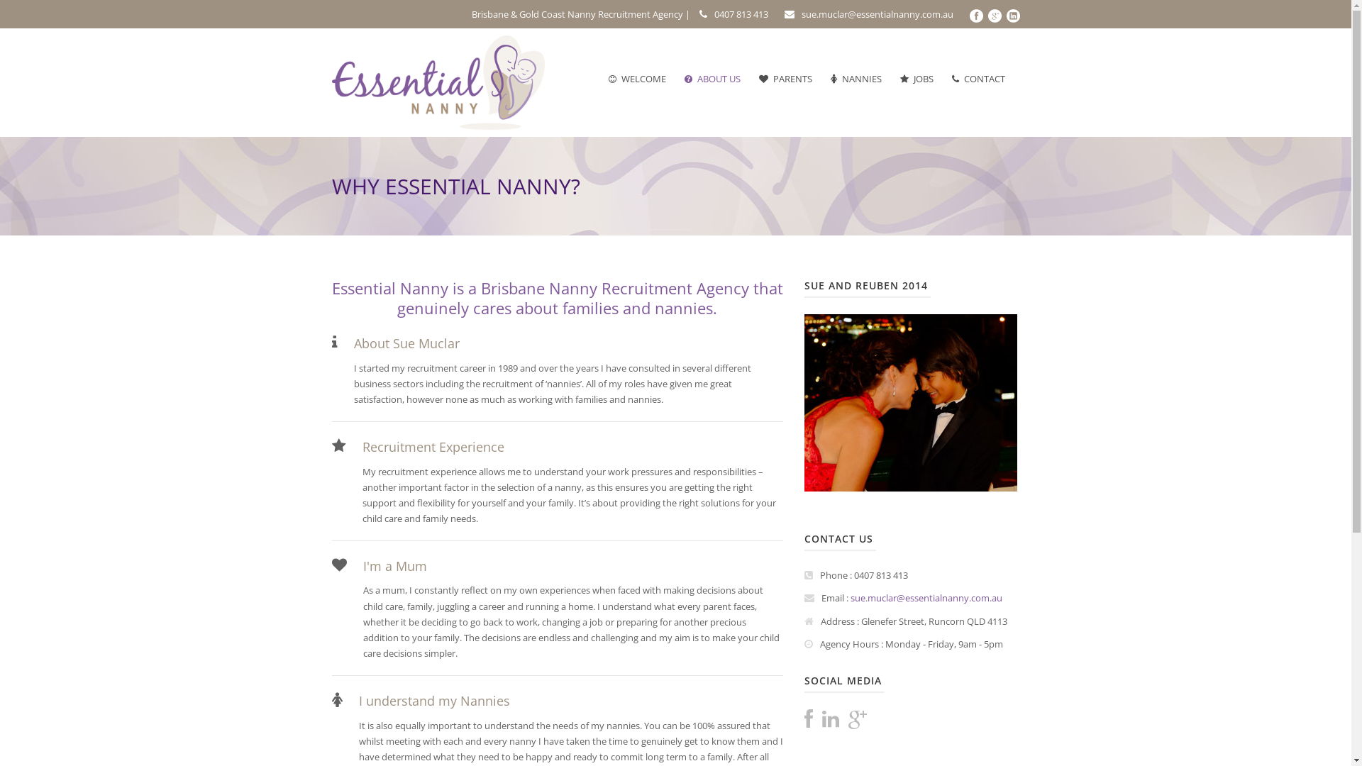 The height and width of the screenshot is (766, 1362). What do you see at coordinates (784, 79) in the screenshot?
I see `'PARENTS'` at bounding box center [784, 79].